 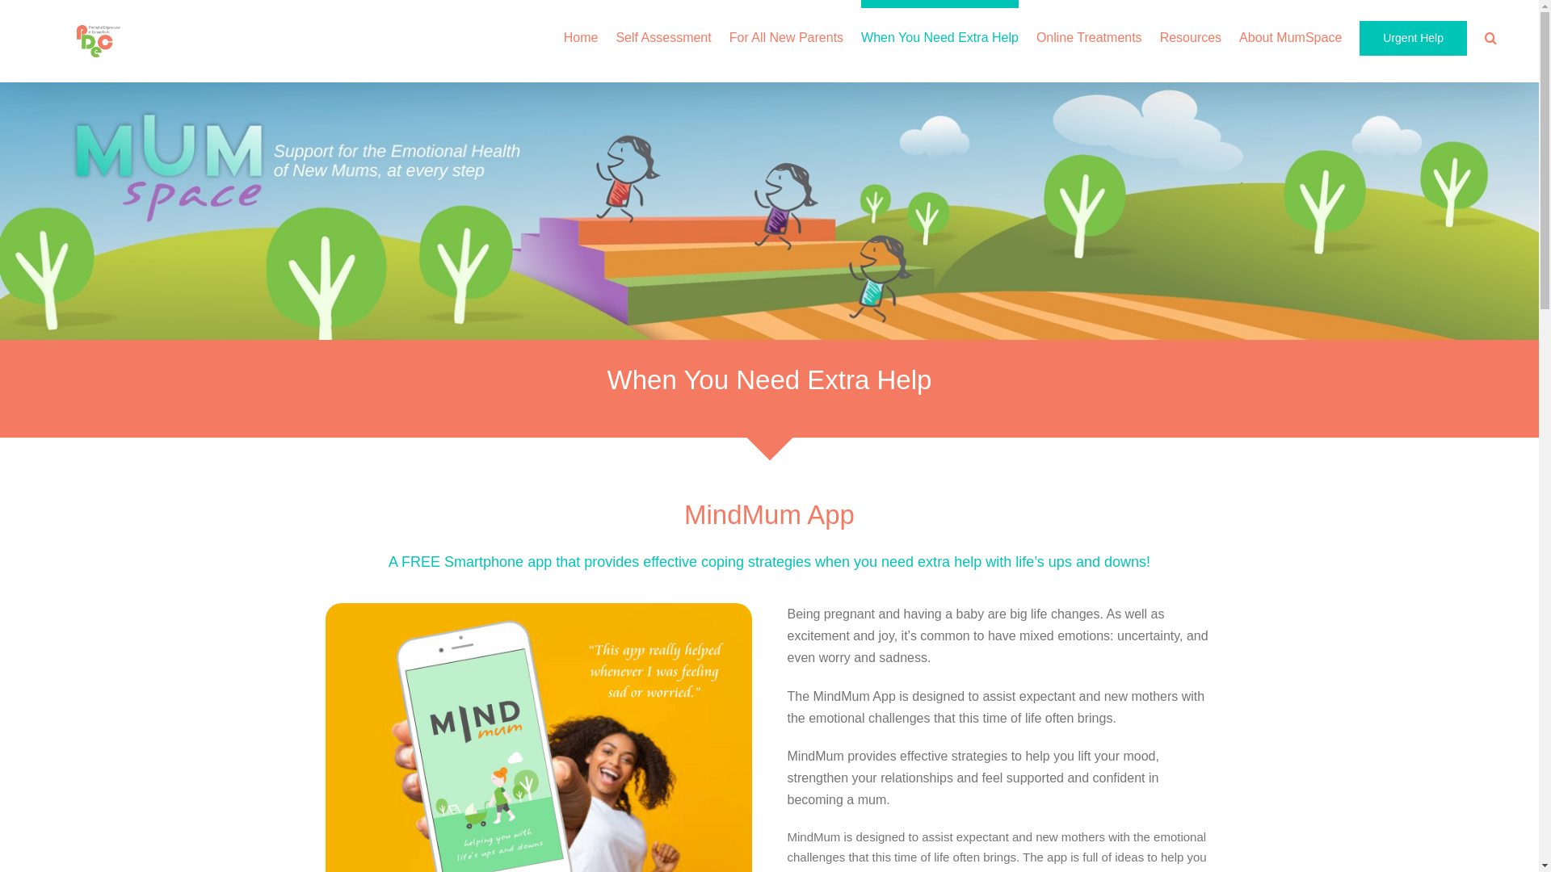 What do you see at coordinates (1289, 34) in the screenshot?
I see `'About MumSpace'` at bounding box center [1289, 34].